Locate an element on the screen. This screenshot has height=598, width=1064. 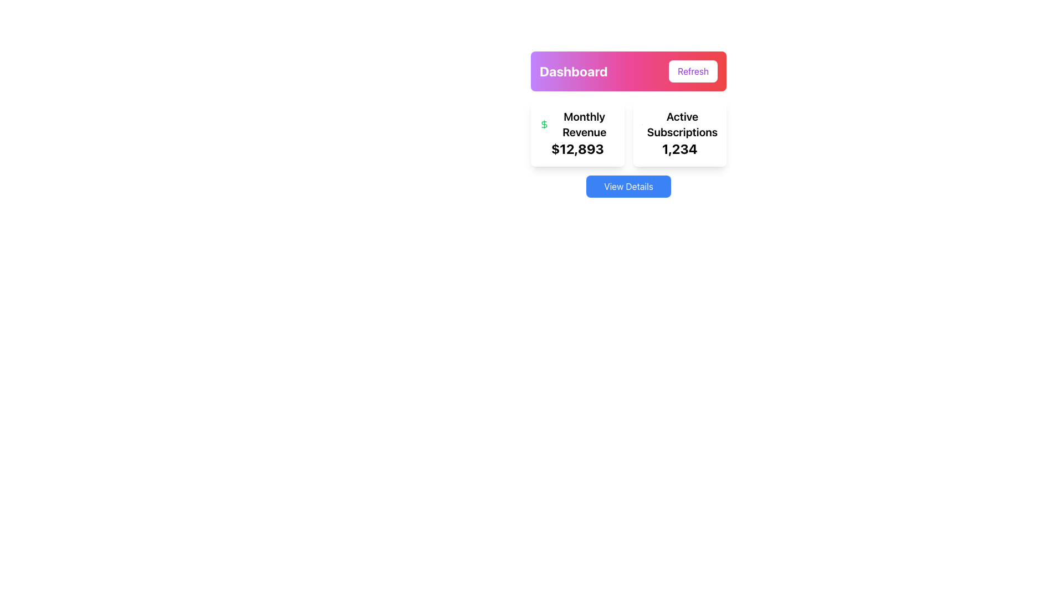
the chart icon representing active subscriptions located to the left of the 'Active Subscriptions' text in the dashboard card is located at coordinates (642, 124).